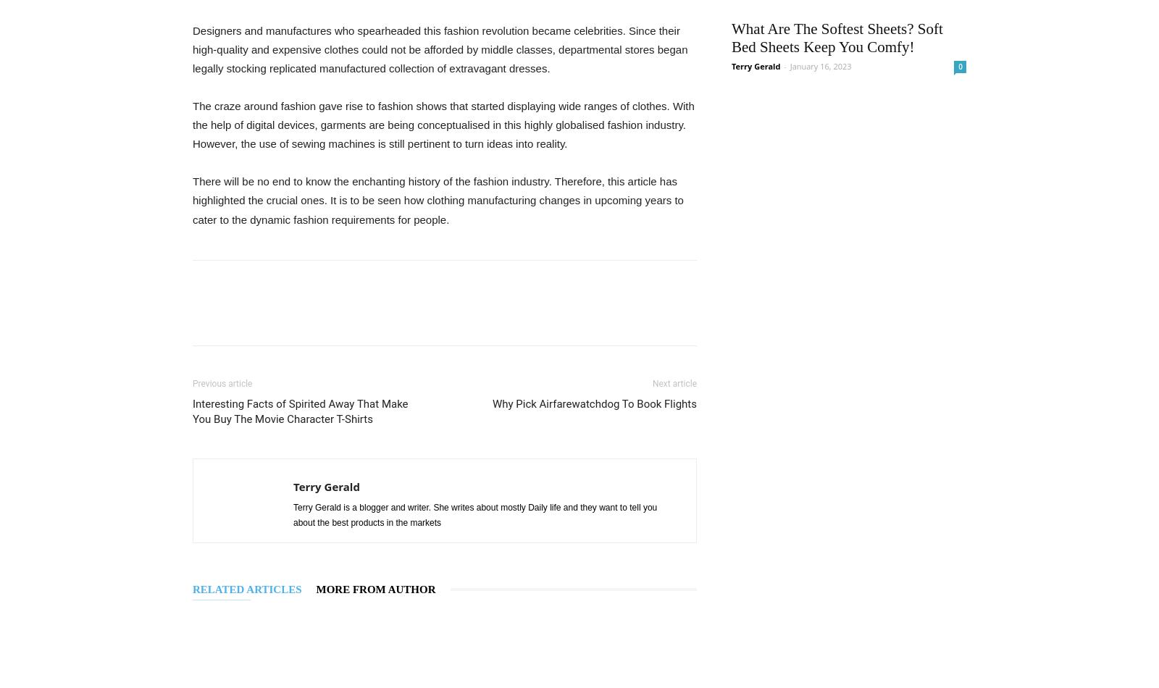 The height and width of the screenshot is (688, 1159). Describe the element at coordinates (820, 66) in the screenshot. I see `'January 16, 2023'` at that location.